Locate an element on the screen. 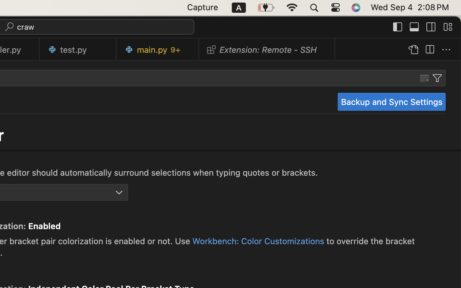 The height and width of the screenshot is (288, 461). '0 main.py   9+' is located at coordinates (158, 49).